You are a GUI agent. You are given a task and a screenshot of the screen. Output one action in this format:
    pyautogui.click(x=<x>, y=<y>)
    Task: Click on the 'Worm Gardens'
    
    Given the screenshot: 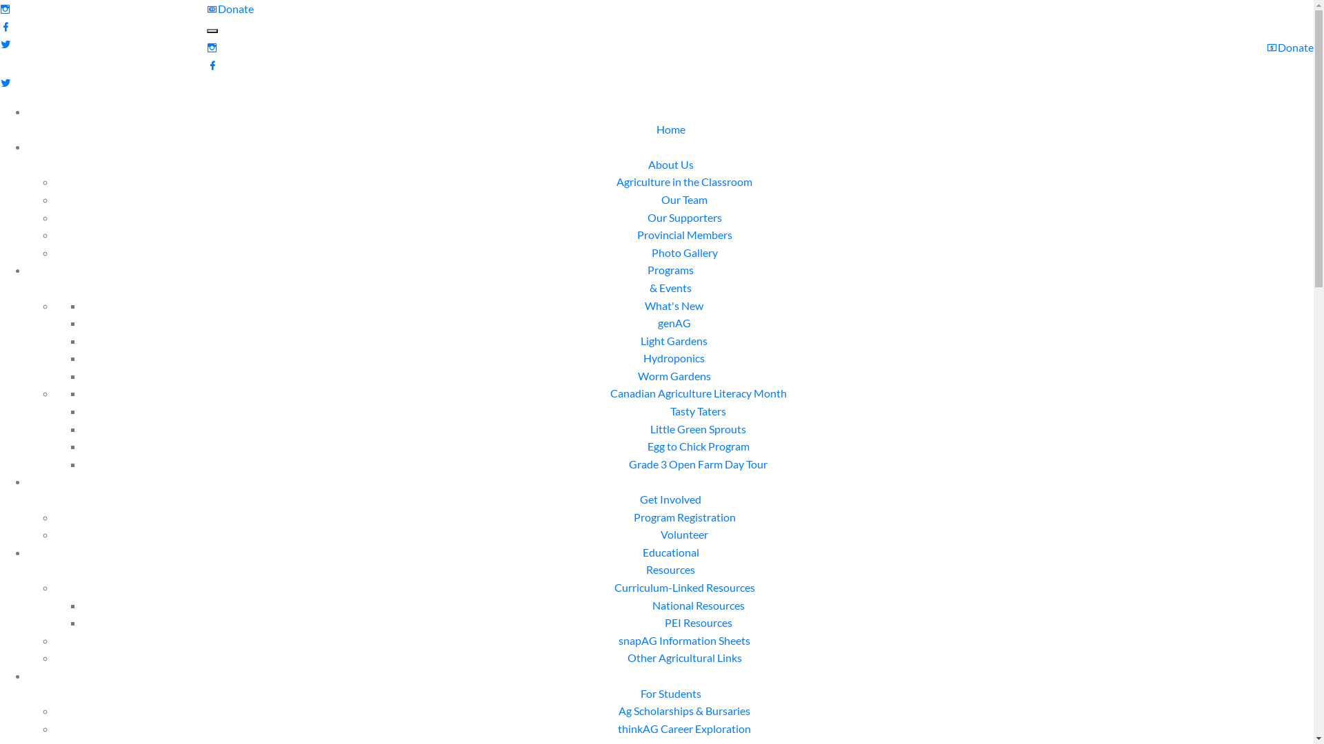 What is the action you would take?
    pyautogui.click(x=674, y=375)
    